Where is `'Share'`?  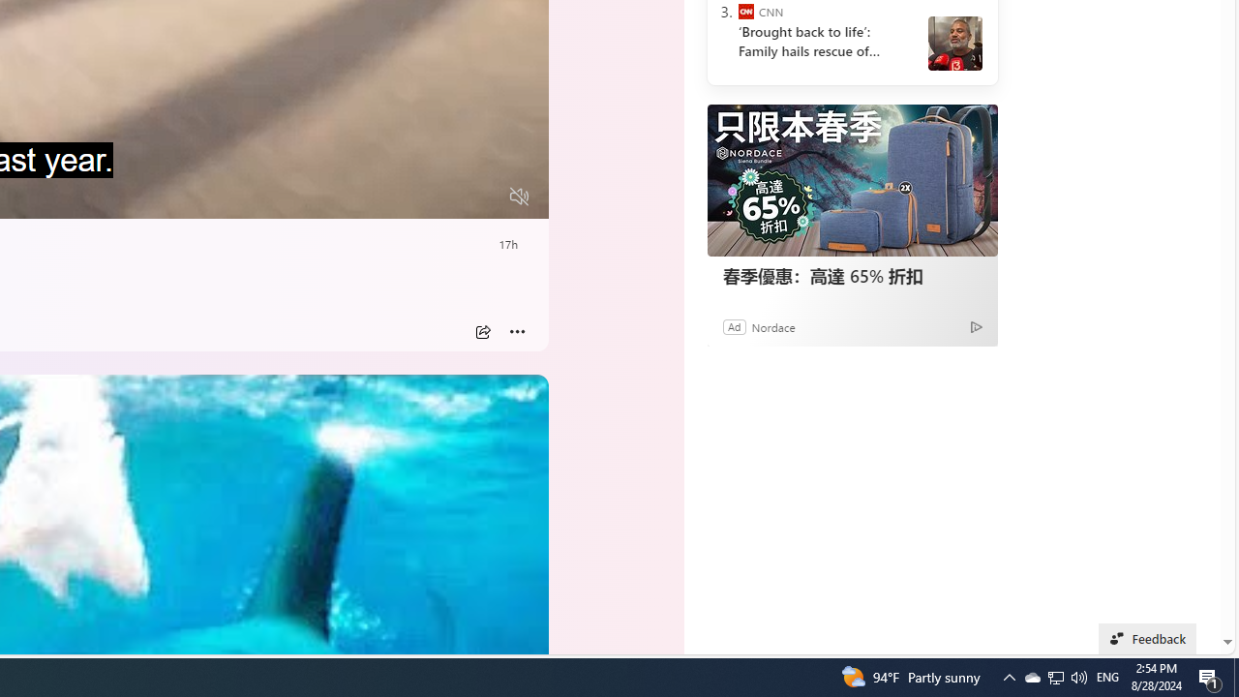
'Share' is located at coordinates (482, 331).